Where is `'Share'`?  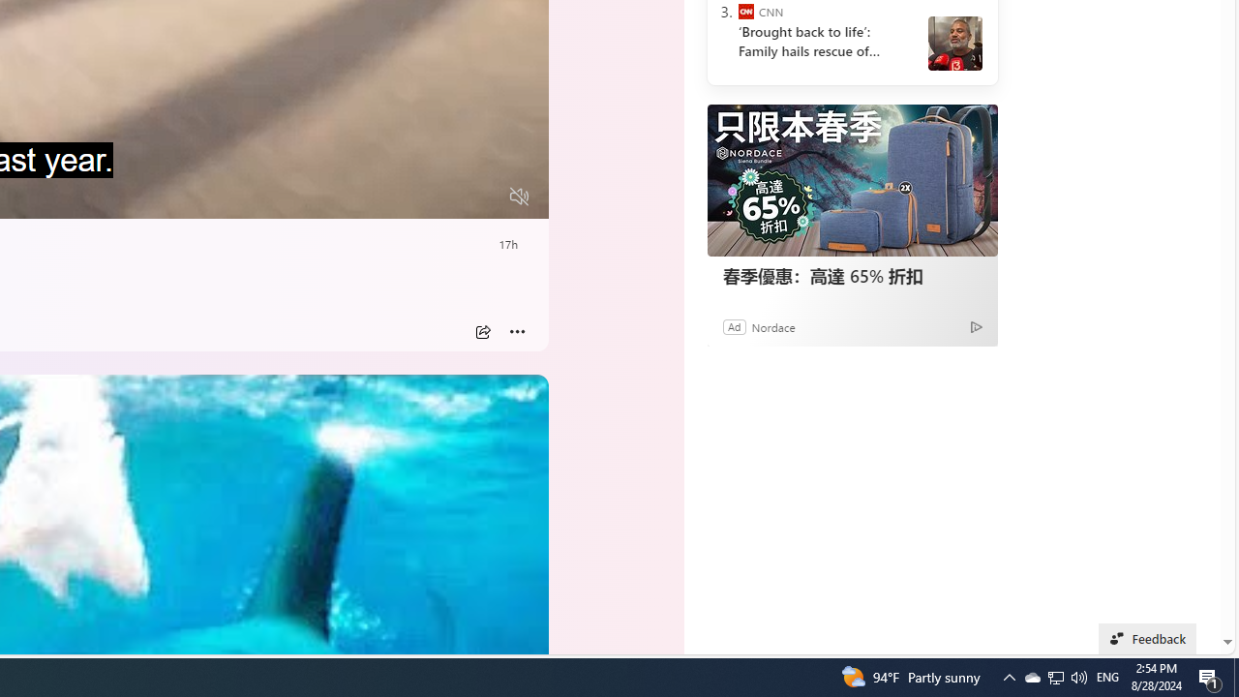
'Share' is located at coordinates (482, 331).